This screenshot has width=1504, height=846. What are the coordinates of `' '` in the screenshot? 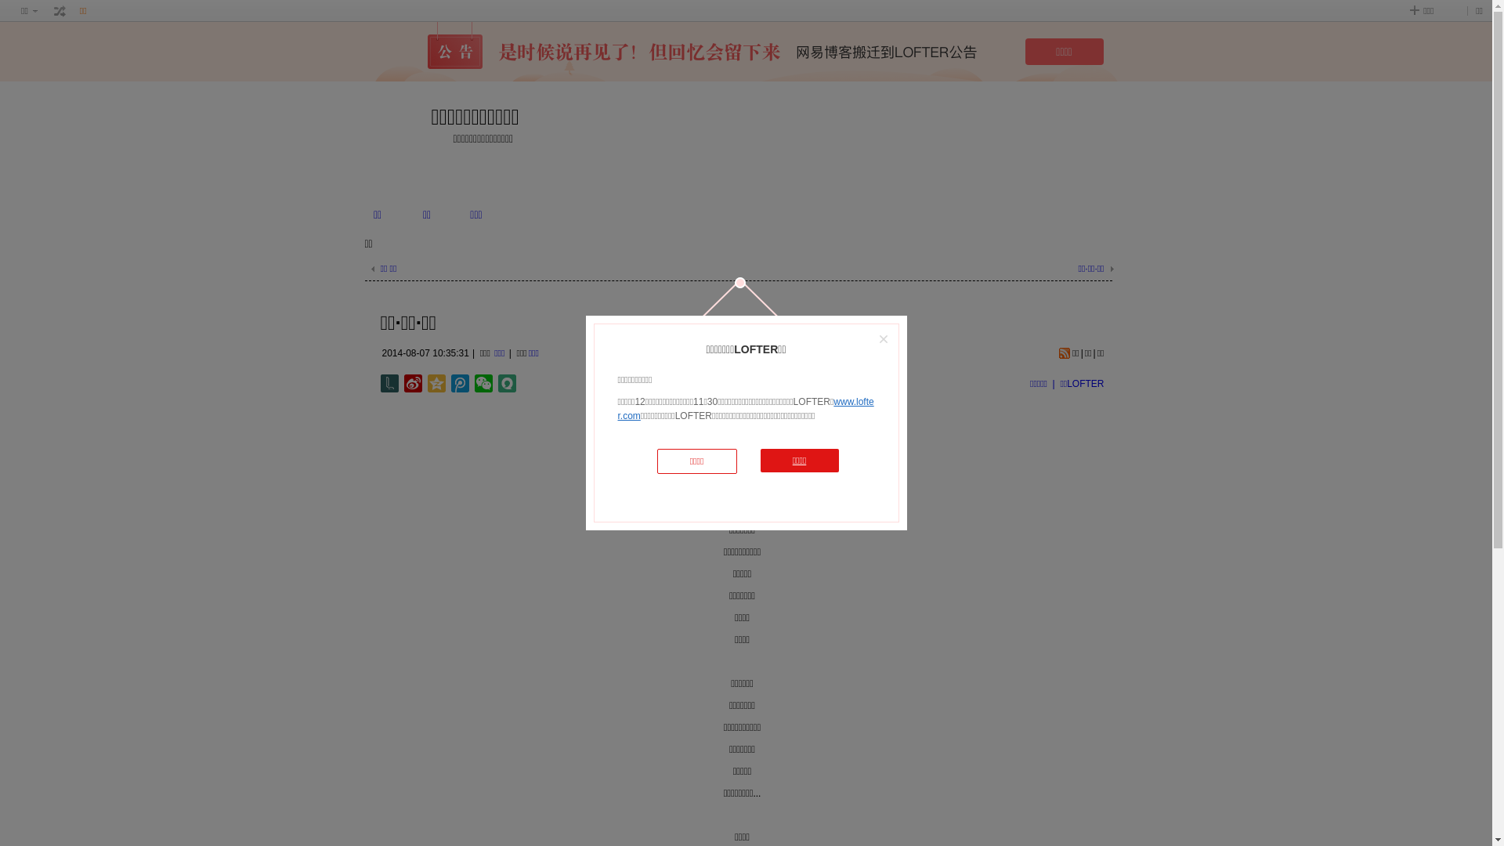 It's located at (60, 11).